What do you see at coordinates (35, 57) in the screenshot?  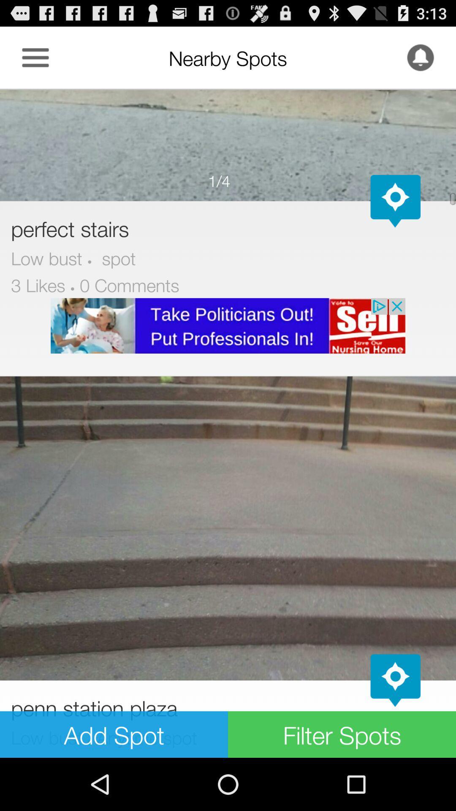 I see `open menu` at bounding box center [35, 57].